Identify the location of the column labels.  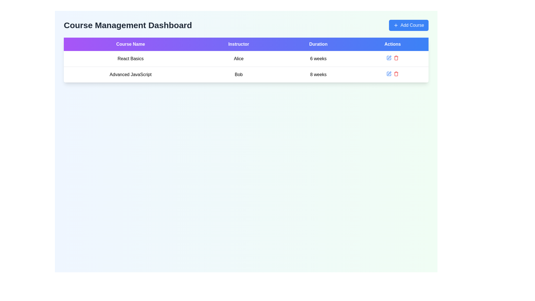
(246, 44).